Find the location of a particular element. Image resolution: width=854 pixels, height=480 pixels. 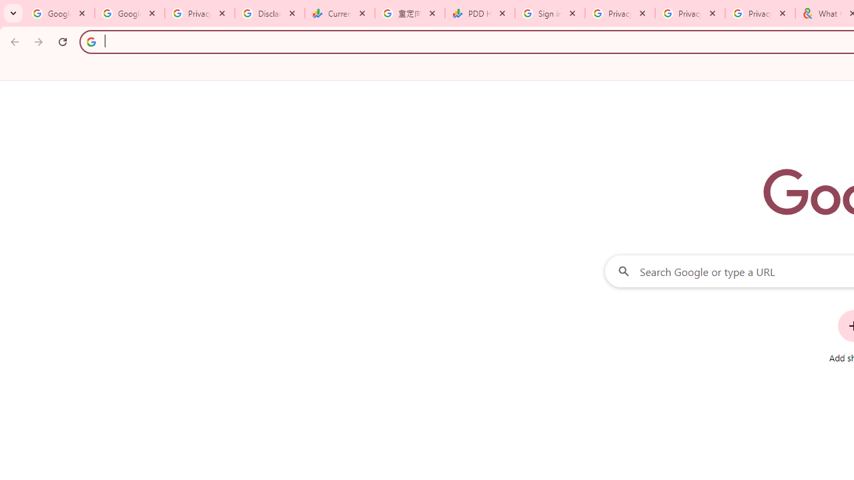

'PDD Holdings Inc - ADR (PDD) Price & News - Google Finance' is located at coordinates (480, 13).